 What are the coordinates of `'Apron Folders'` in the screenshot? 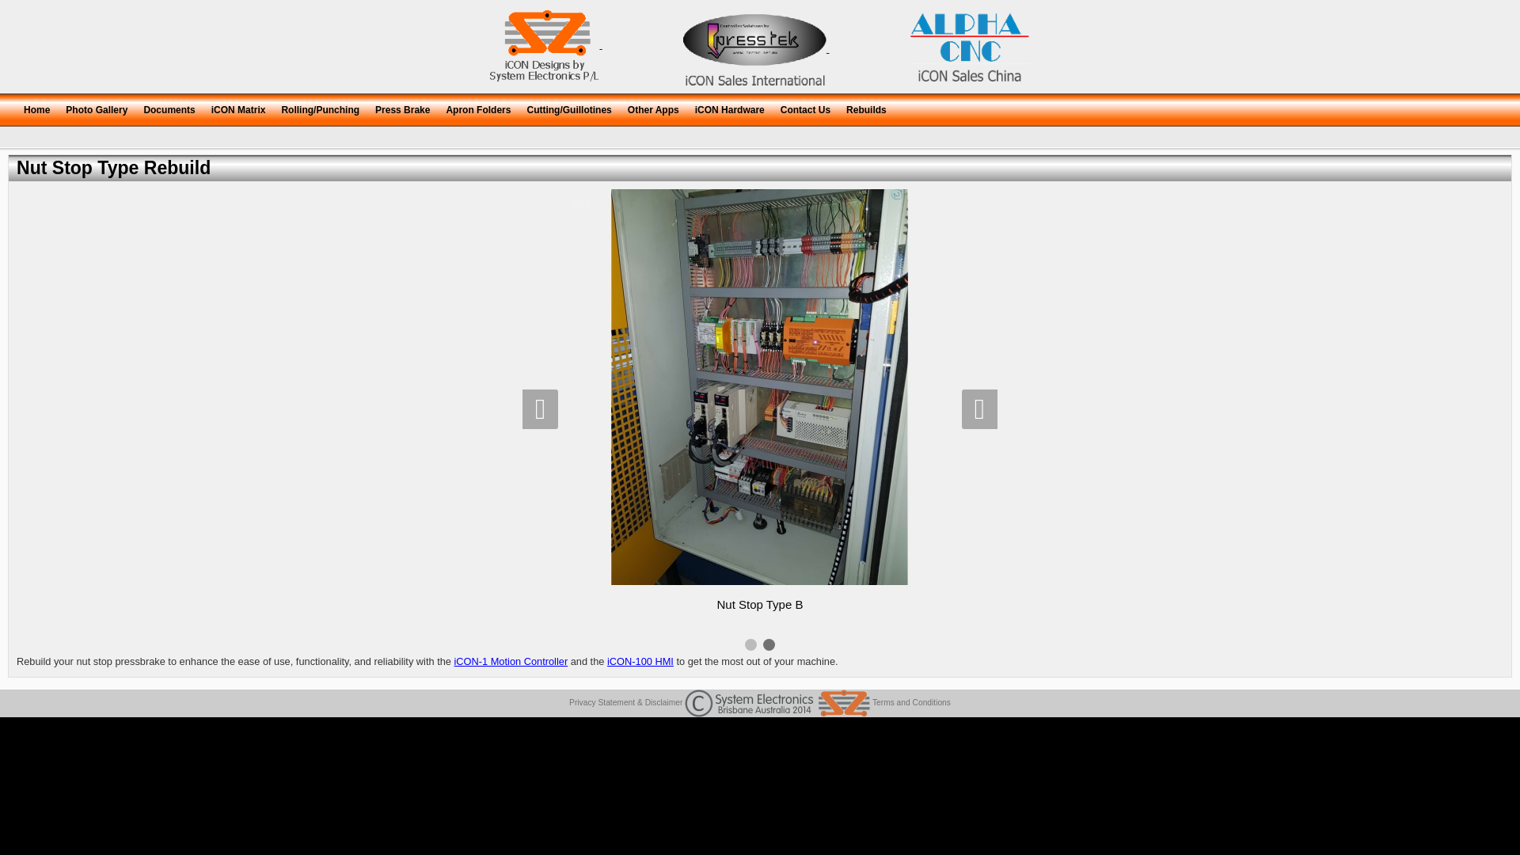 It's located at (477, 107).